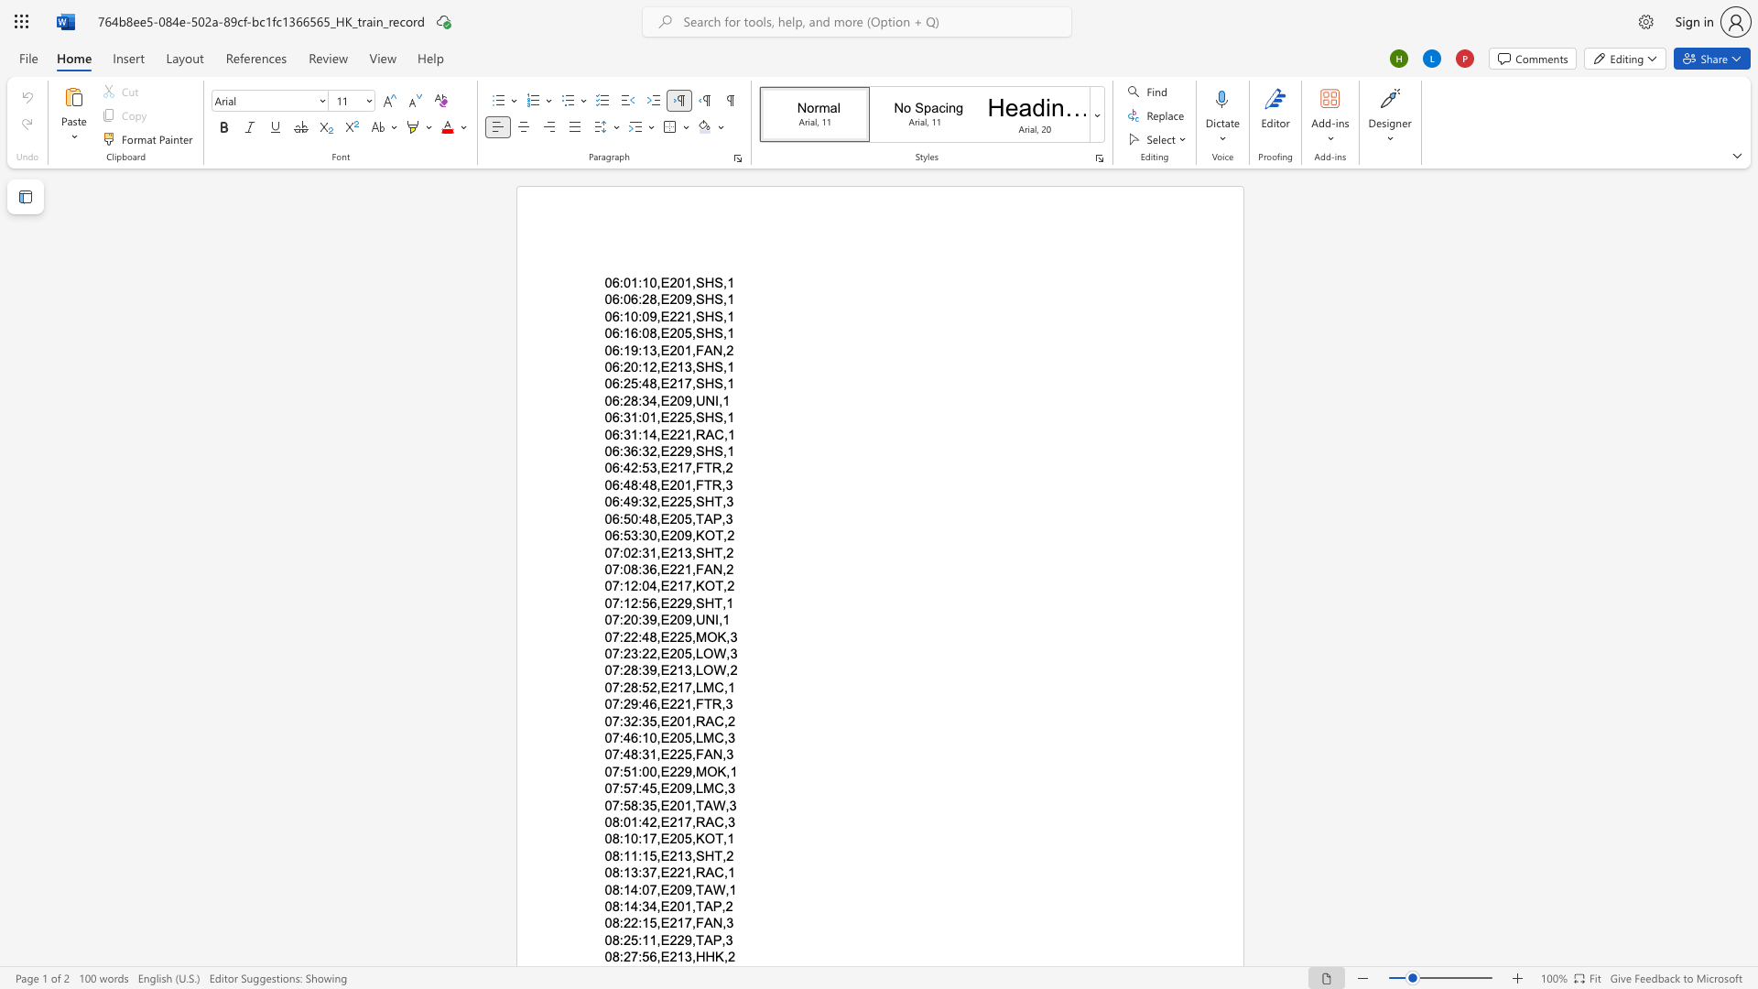 The height and width of the screenshot is (989, 1758). What do you see at coordinates (638, 299) in the screenshot?
I see `the subset text ":28,E209" within the text "06:06:28,E209,SHS,1"` at bounding box center [638, 299].